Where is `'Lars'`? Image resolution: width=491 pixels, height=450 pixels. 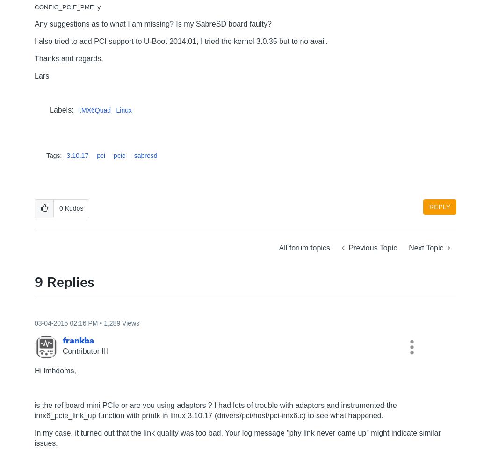
'Lars' is located at coordinates (42, 76).